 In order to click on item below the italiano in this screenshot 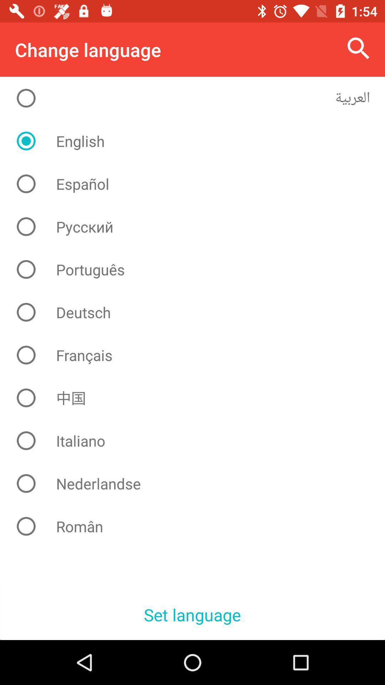, I will do `click(198, 483)`.